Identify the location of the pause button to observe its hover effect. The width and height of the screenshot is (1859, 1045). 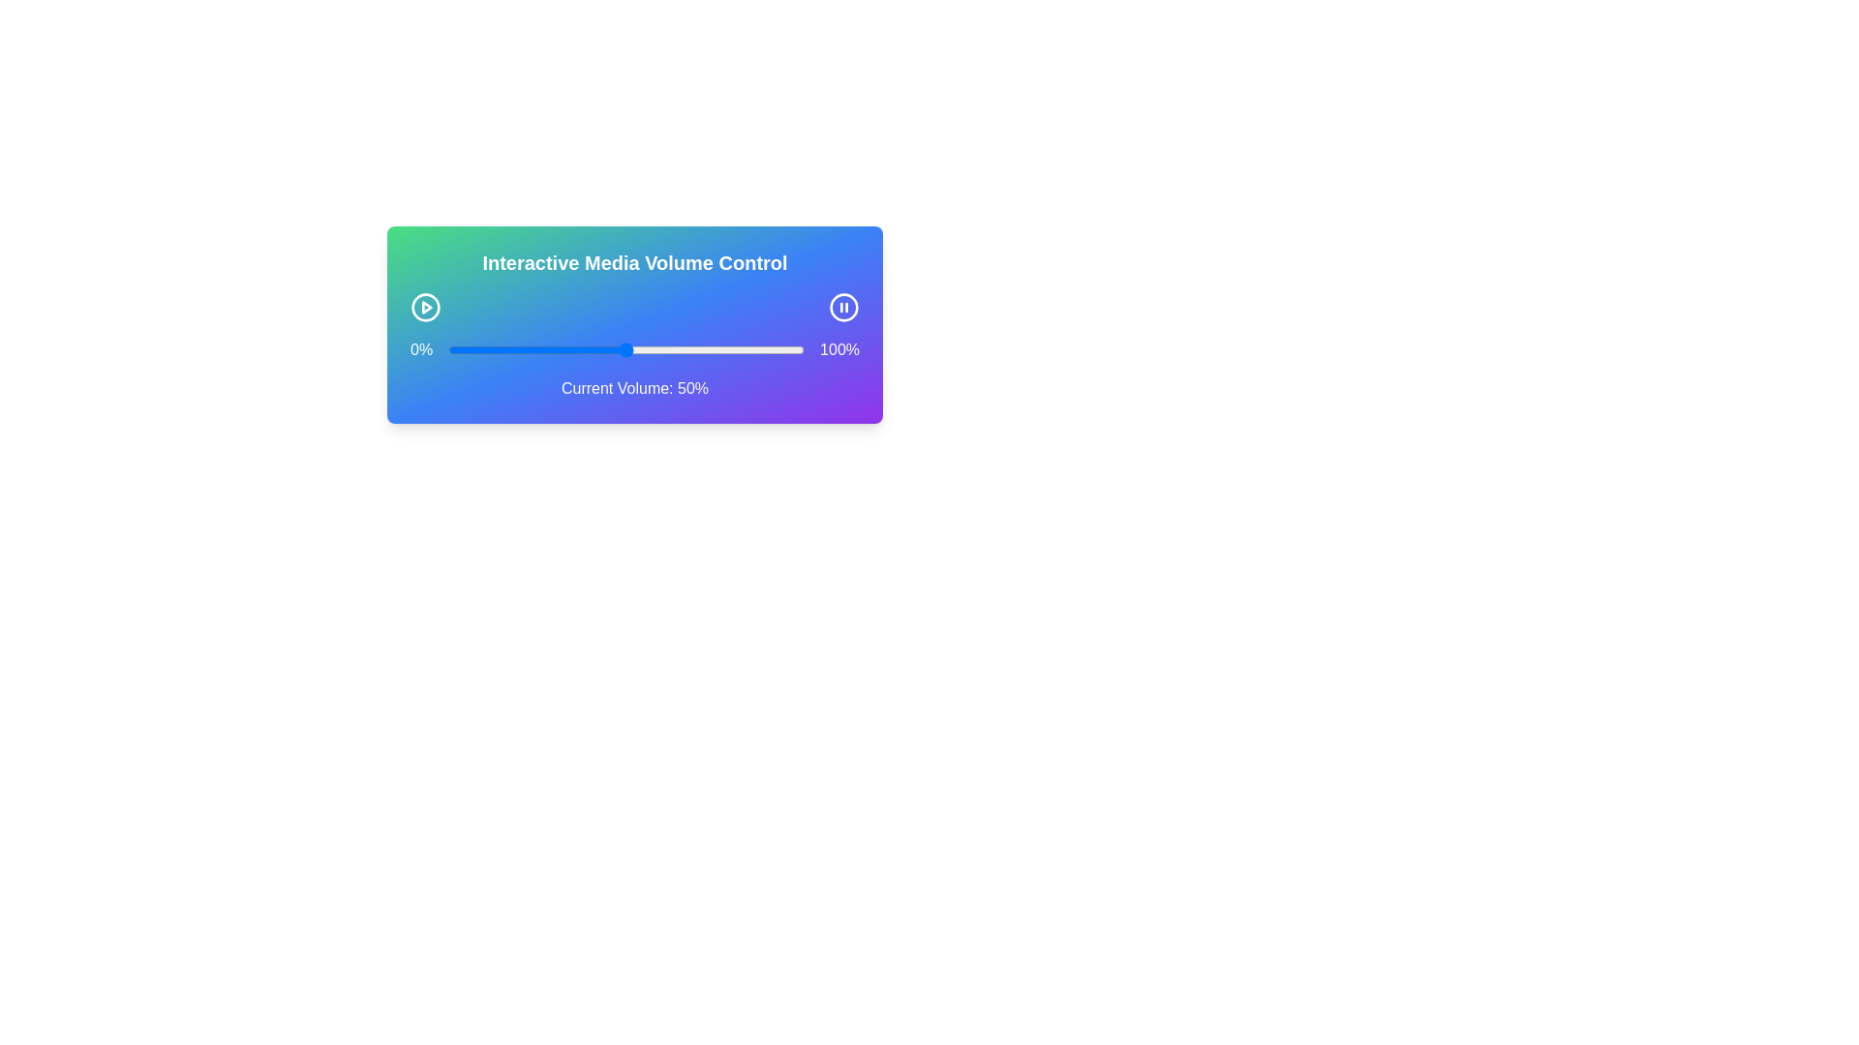
(844, 306).